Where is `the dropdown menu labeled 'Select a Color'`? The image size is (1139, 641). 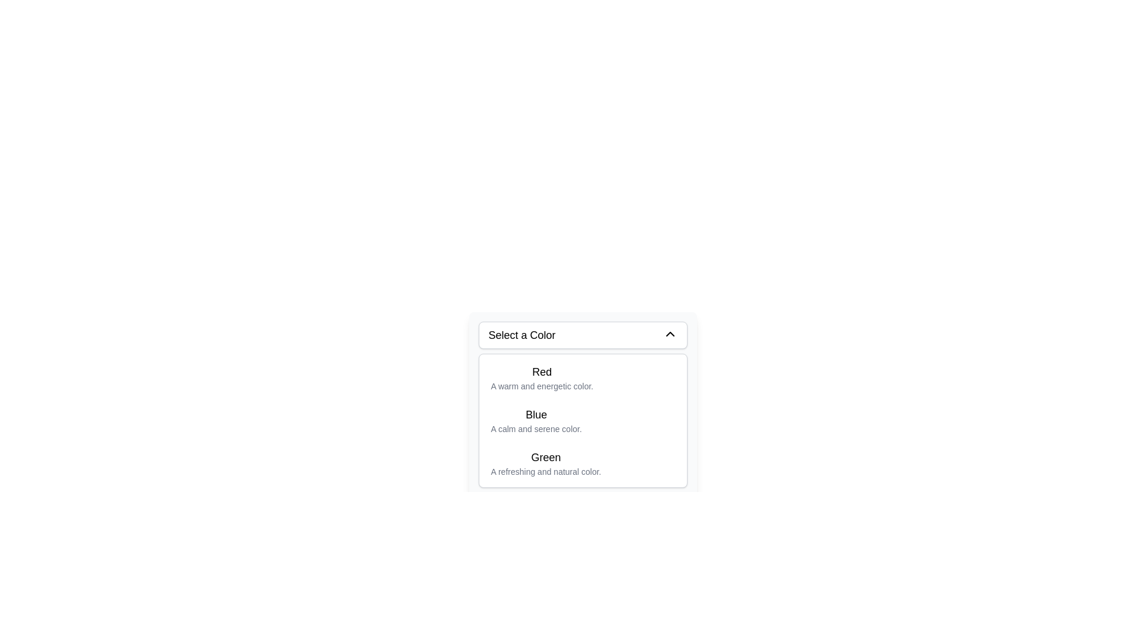 the dropdown menu labeled 'Select a Color' is located at coordinates (583, 404).